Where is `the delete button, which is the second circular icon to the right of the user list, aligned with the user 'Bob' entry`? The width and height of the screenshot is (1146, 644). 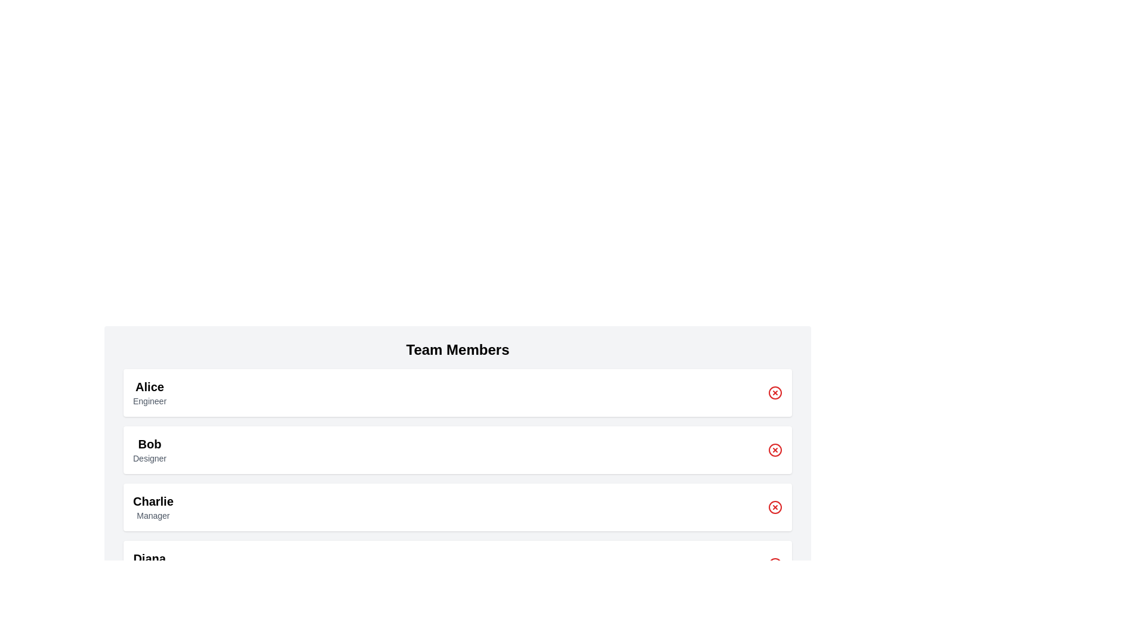
the delete button, which is the second circular icon to the right of the user list, aligned with the user 'Bob' entry is located at coordinates (775, 450).